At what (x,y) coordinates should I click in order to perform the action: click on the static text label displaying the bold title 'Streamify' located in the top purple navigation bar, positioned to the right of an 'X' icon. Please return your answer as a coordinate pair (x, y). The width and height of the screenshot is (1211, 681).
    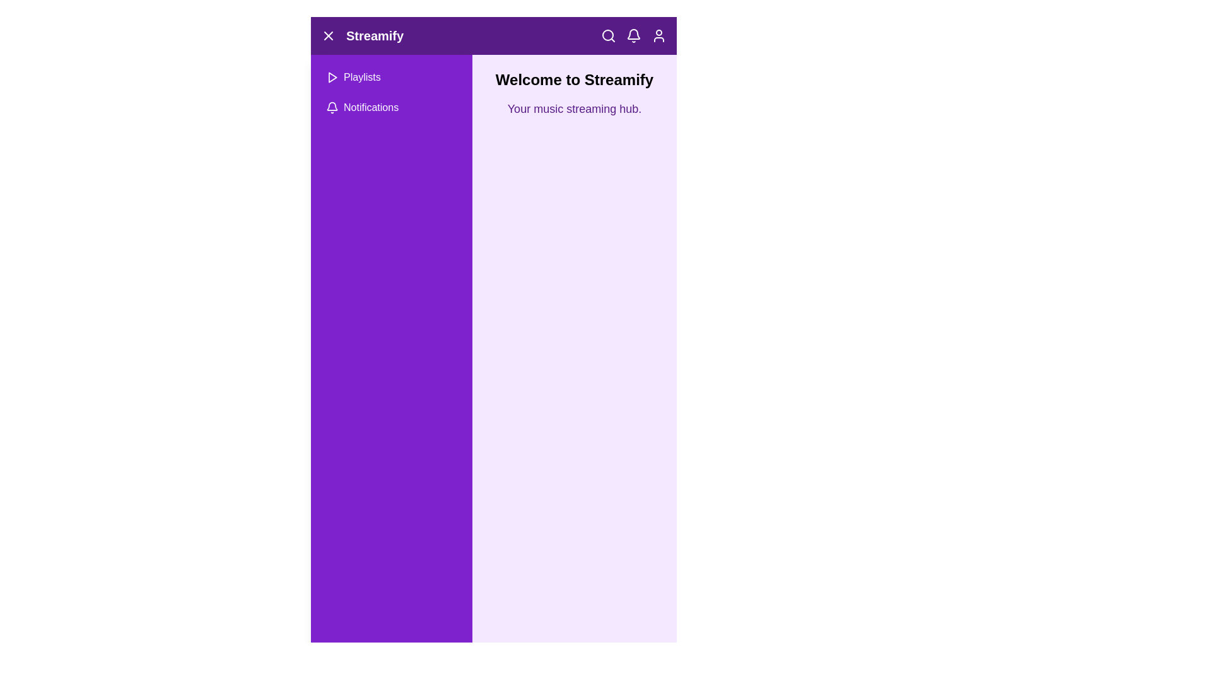
    Looking at the image, I should click on (374, 35).